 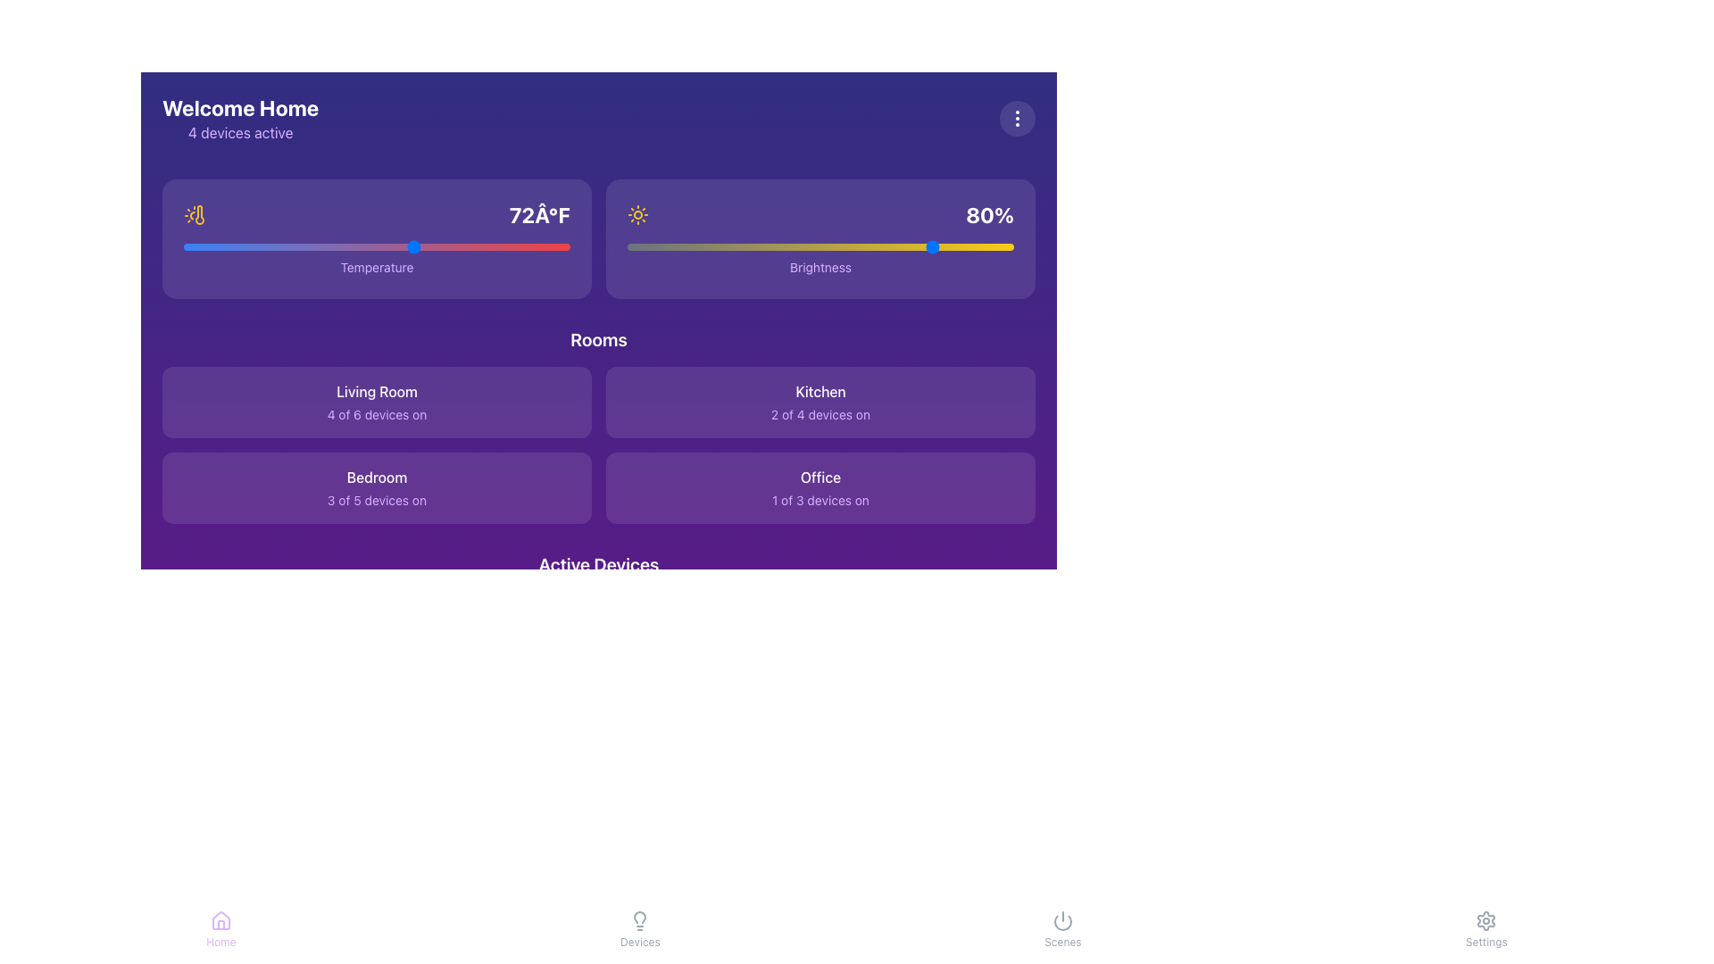 What do you see at coordinates (820, 415) in the screenshot?
I see `the text label displaying '2 of 4 devices on', which is styled in small, purple font and located in the lower section of the card interface under the 'Kitchen' title` at bounding box center [820, 415].